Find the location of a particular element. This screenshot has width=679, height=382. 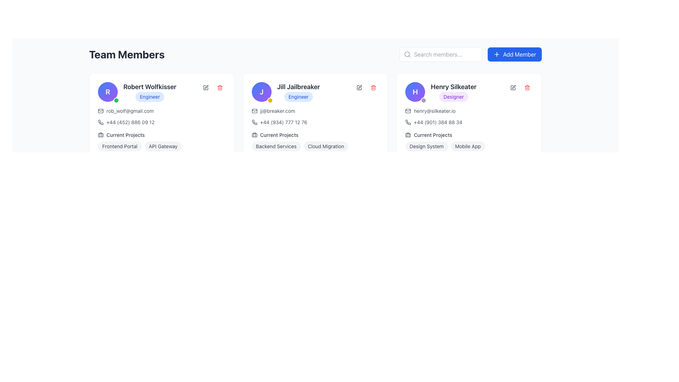

the edit button located in the top-right corner of the card labeled 'Robert Wolfkisser' is located at coordinates (205, 87).